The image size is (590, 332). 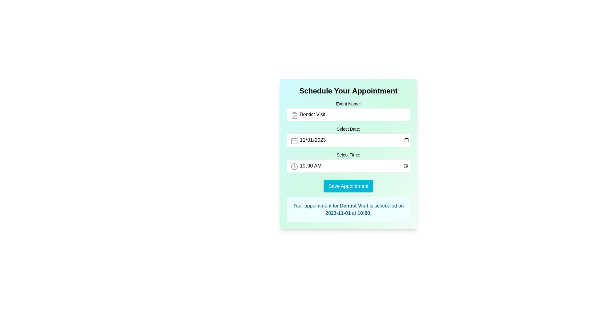 I want to click on the labeled input field at the top of the scheduling form to focus and edit the event name, so click(x=348, y=111).